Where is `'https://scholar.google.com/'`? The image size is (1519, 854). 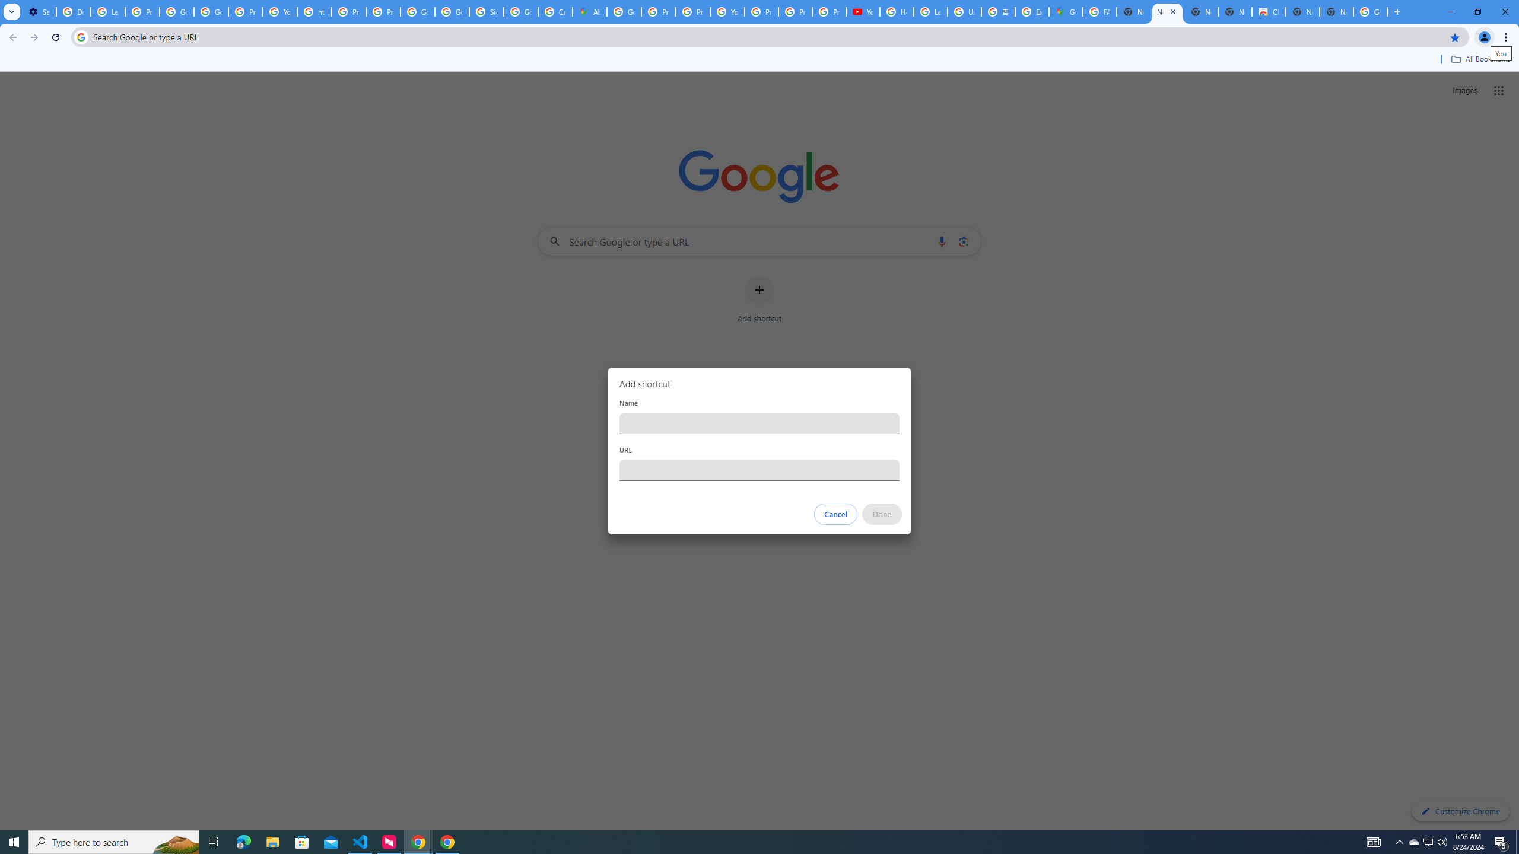
'https://scholar.google.com/' is located at coordinates (314, 11).